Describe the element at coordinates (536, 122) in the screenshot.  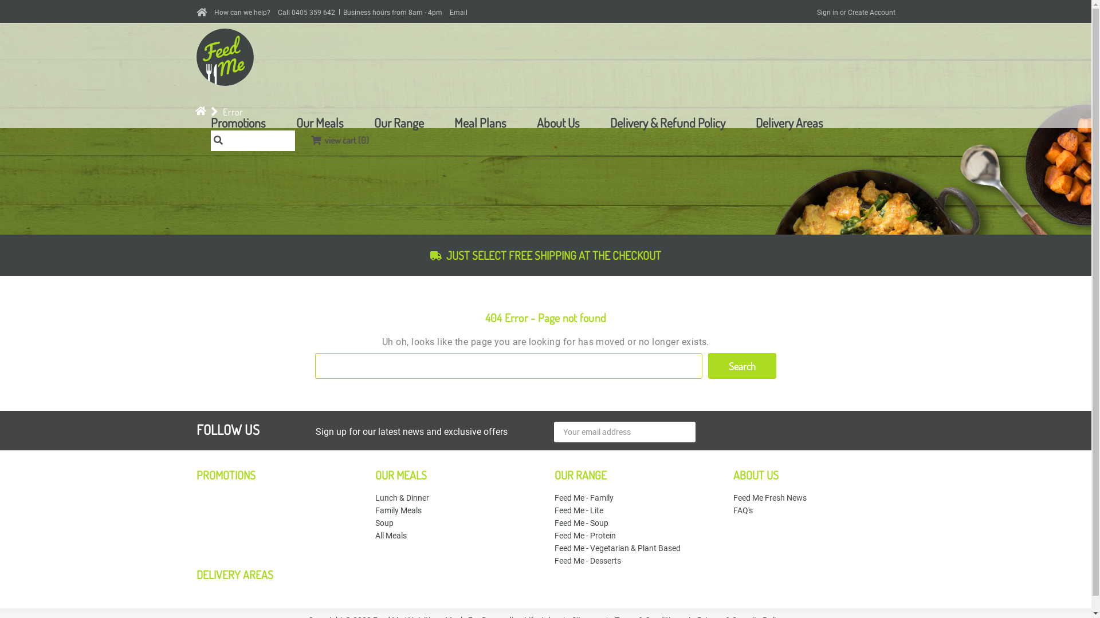
I see `'About Us'` at that location.